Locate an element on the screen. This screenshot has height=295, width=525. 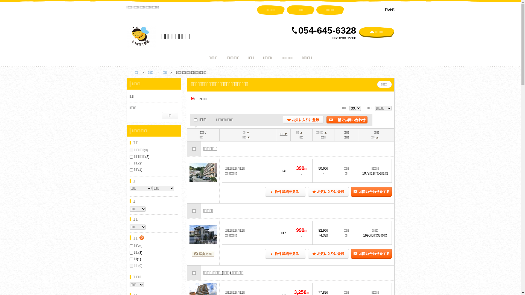
'Tweet' is located at coordinates (389, 9).